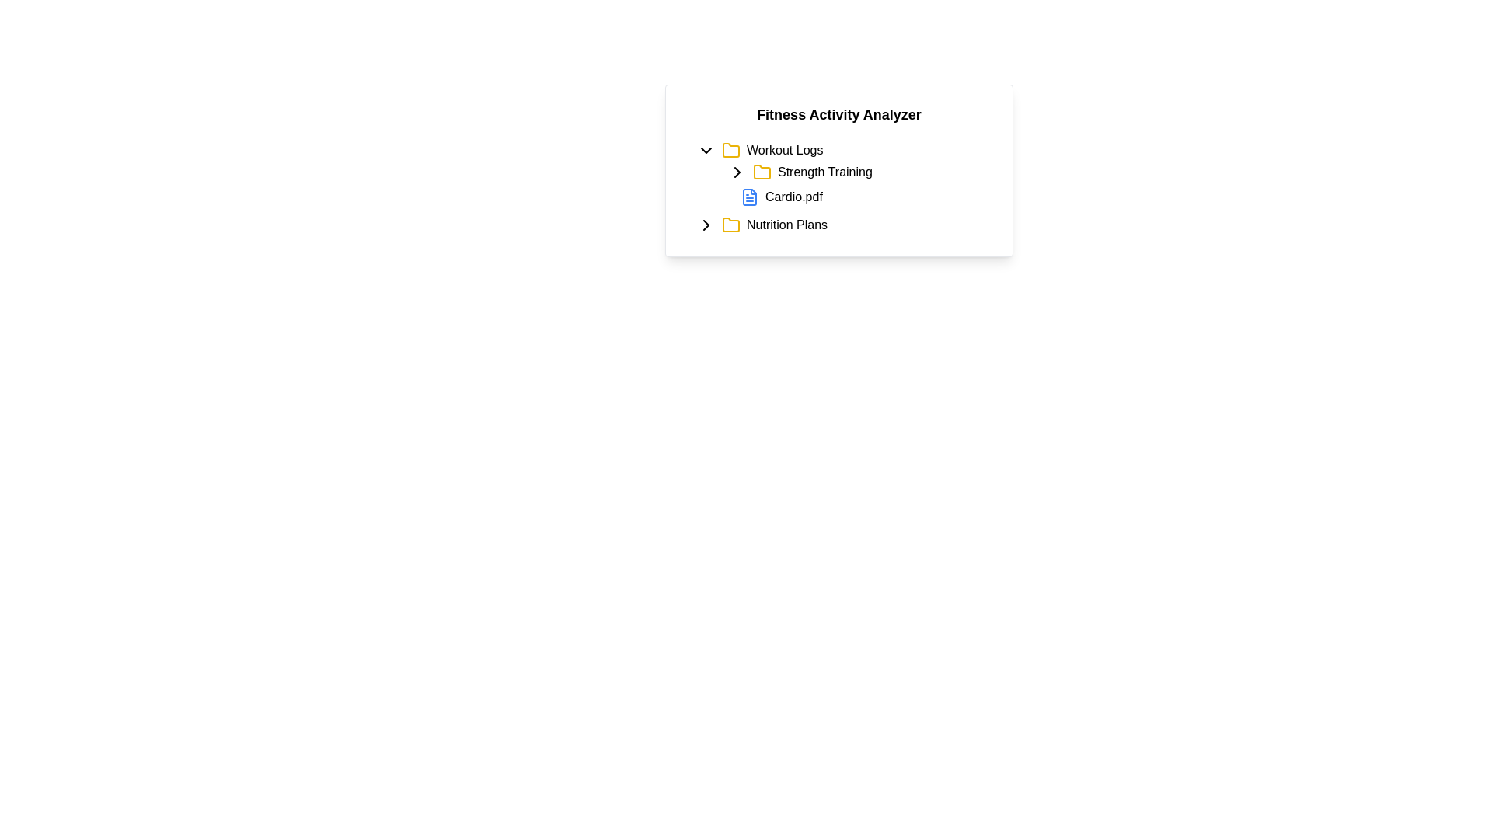  What do you see at coordinates (762, 172) in the screenshot?
I see `the bright yellow folder icon titled 'Strength Training' located under the 'Workout Logs' folder` at bounding box center [762, 172].